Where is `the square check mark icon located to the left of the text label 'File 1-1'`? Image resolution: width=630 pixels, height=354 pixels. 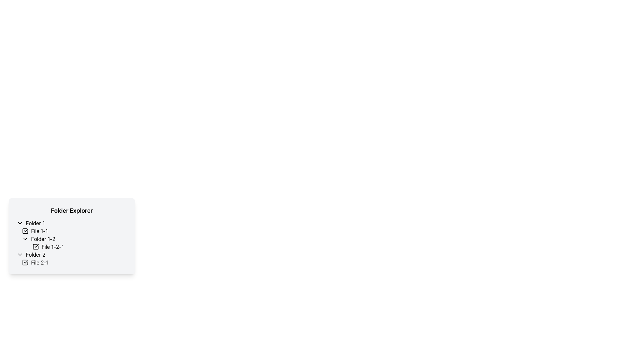 the square check mark icon located to the left of the text label 'File 1-1' is located at coordinates (25, 231).